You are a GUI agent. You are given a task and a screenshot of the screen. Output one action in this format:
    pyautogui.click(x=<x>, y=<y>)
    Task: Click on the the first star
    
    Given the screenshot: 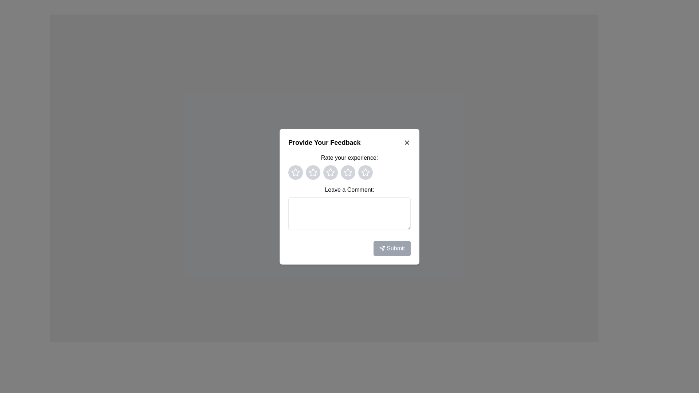 What is the action you would take?
    pyautogui.click(x=295, y=172)
    